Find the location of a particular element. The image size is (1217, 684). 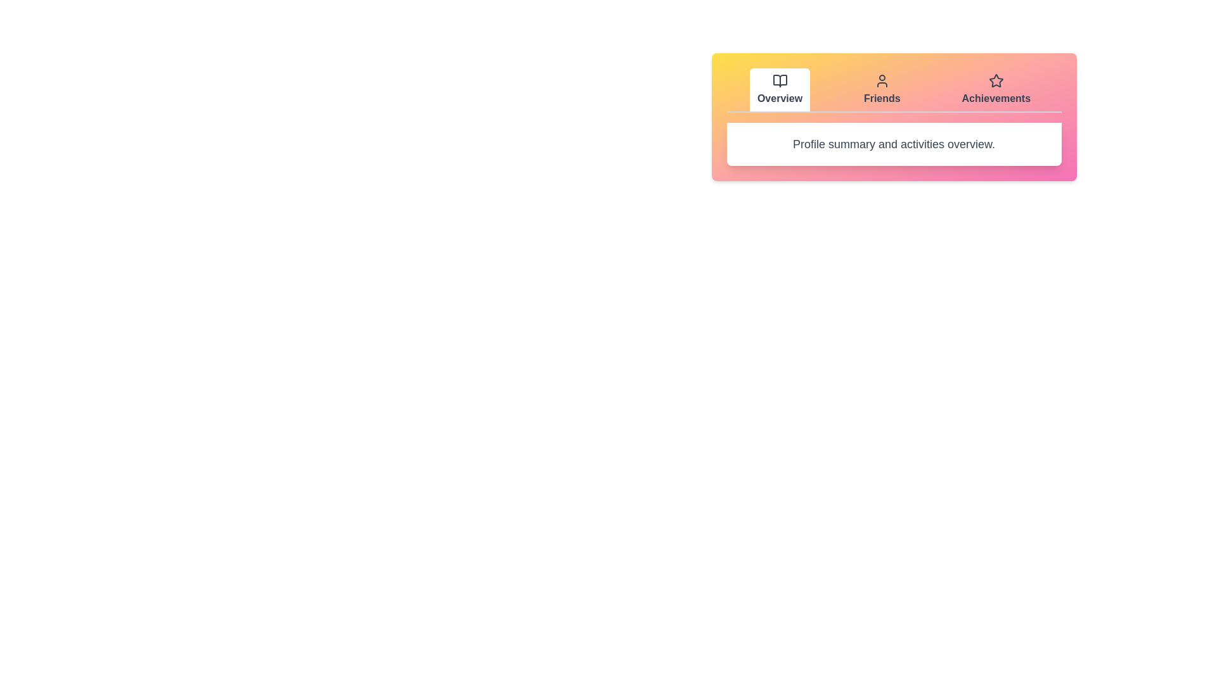

the Overview tab is located at coordinates (779, 89).